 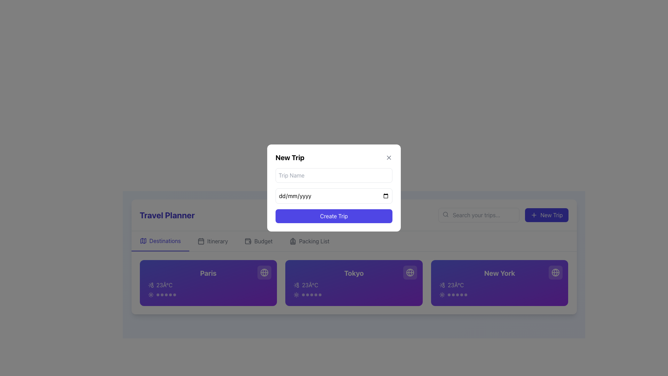 I want to click on the static text element displaying 'New York' in bold styling, located at the top-center of the card, so click(x=499, y=273).